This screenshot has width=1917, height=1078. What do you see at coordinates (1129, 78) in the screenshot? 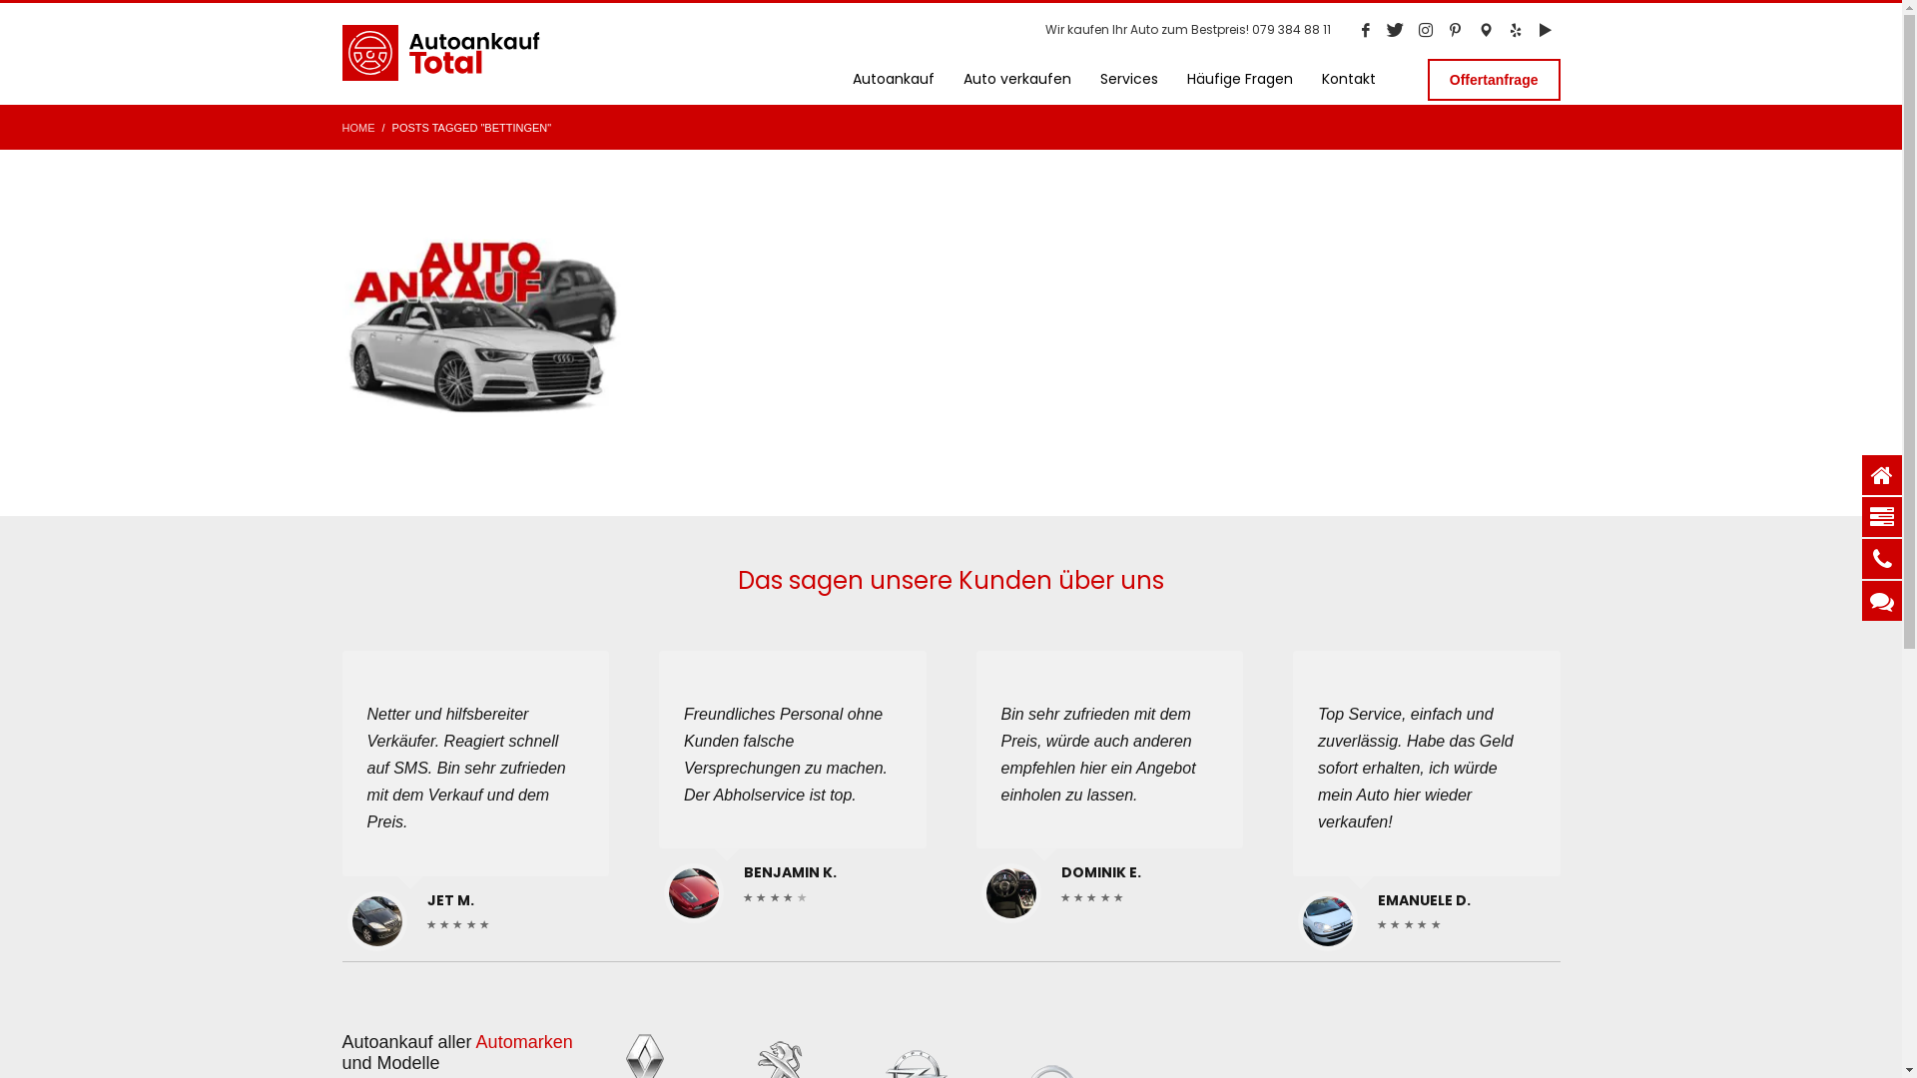
I see `'Services'` at bounding box center [1129, 78].